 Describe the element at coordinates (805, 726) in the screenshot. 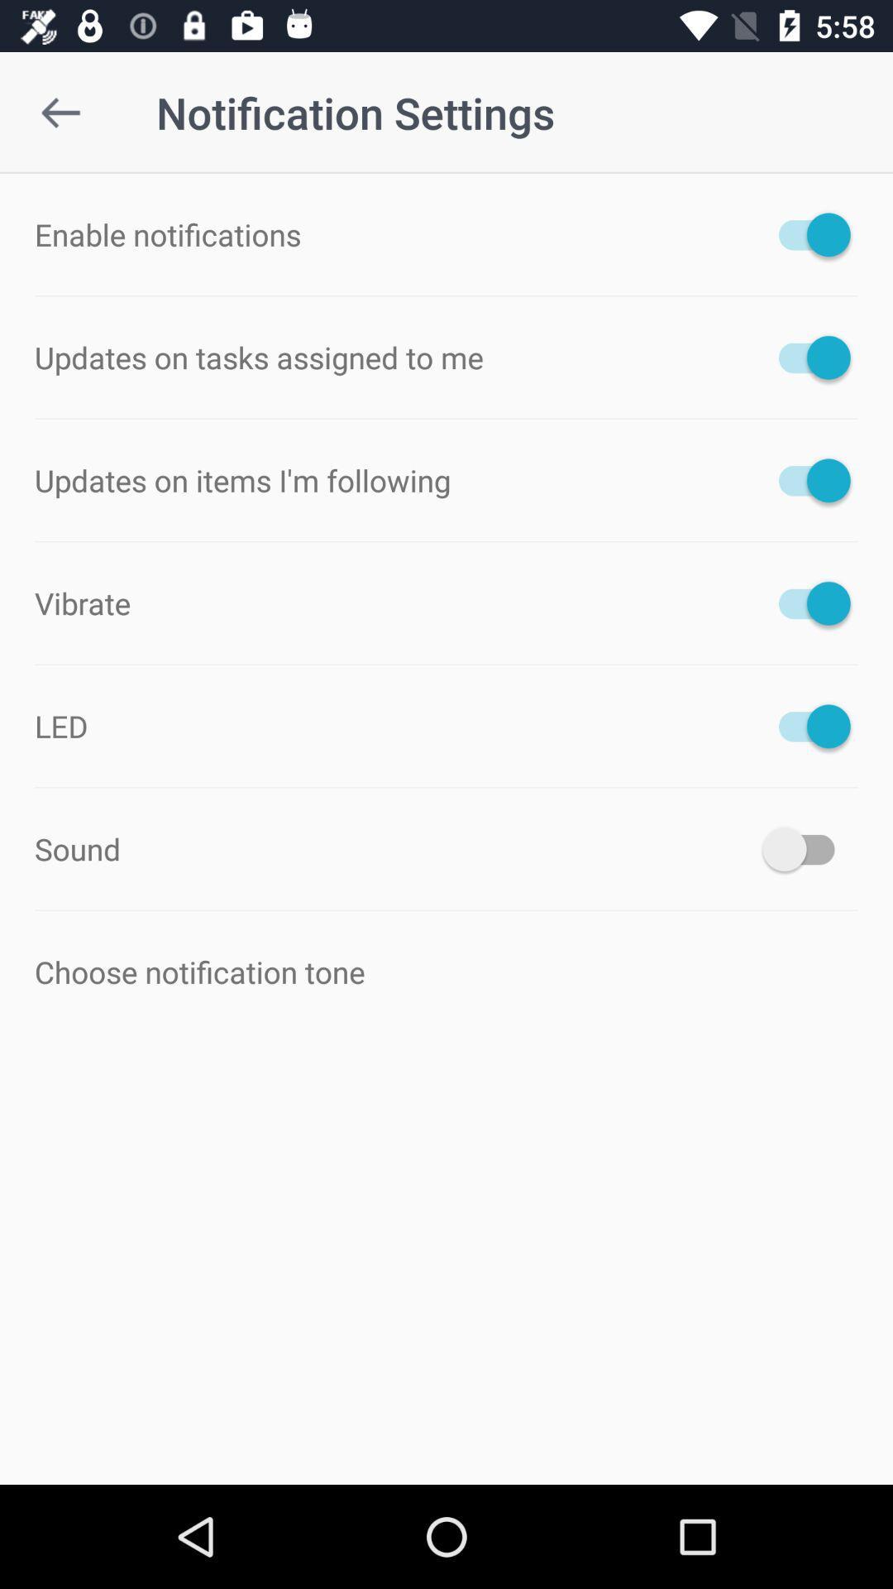

I see `button to turn led light on` at that location.